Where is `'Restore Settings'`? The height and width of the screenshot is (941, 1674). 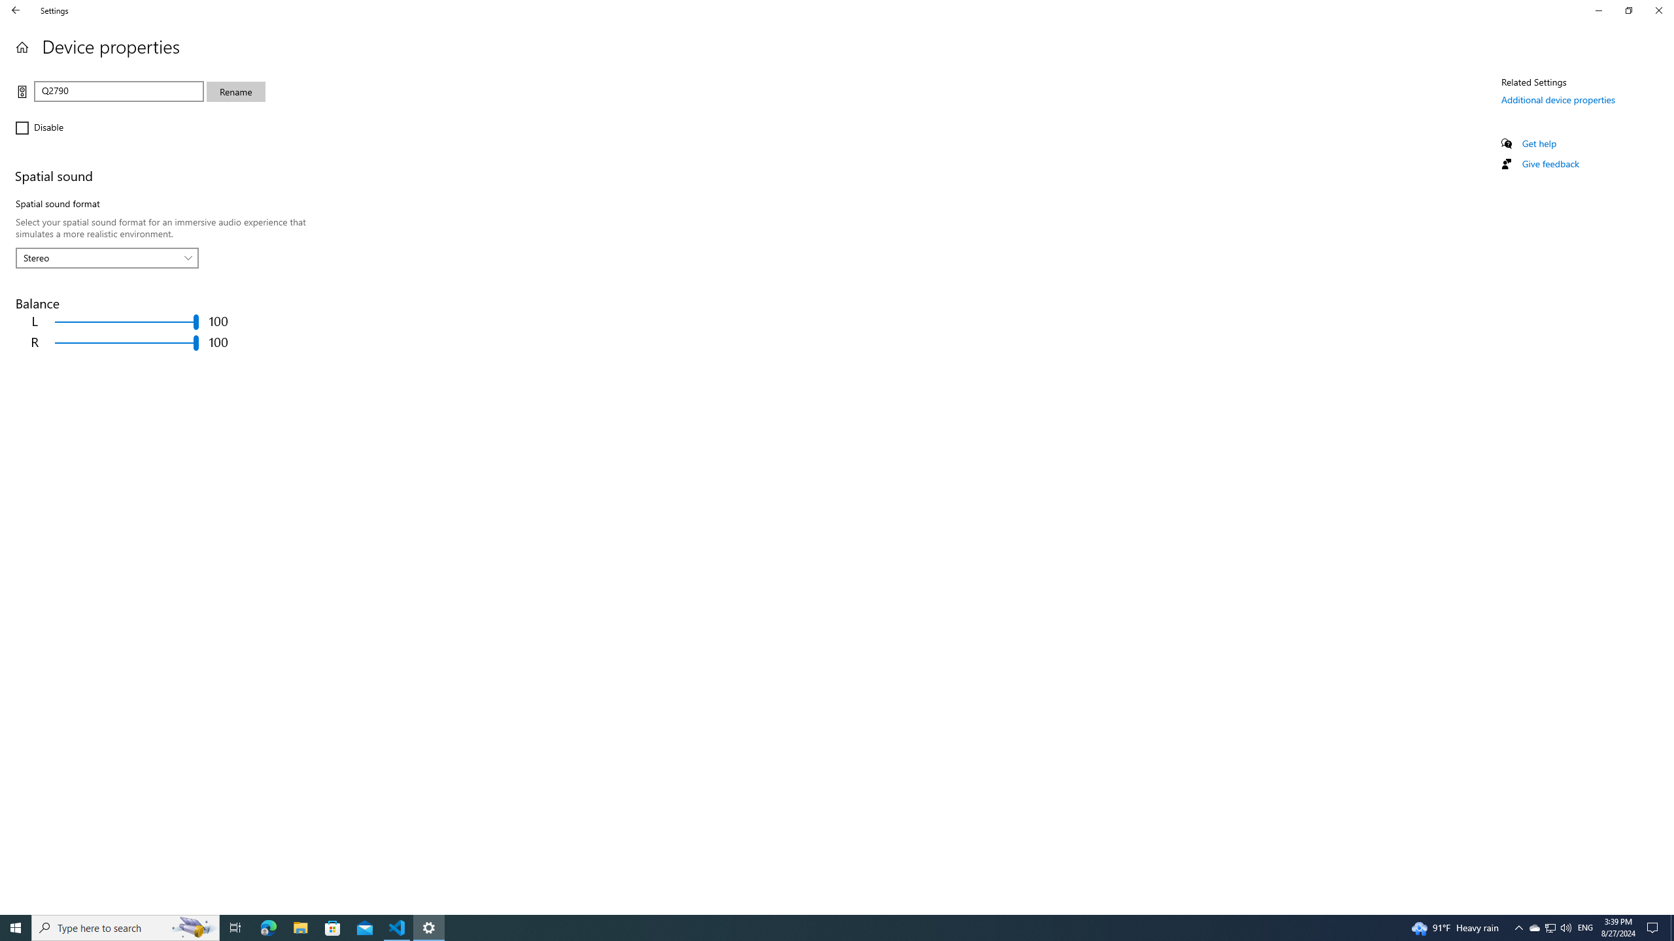
'Restore Settings' is located at coordinates (1628, 10).